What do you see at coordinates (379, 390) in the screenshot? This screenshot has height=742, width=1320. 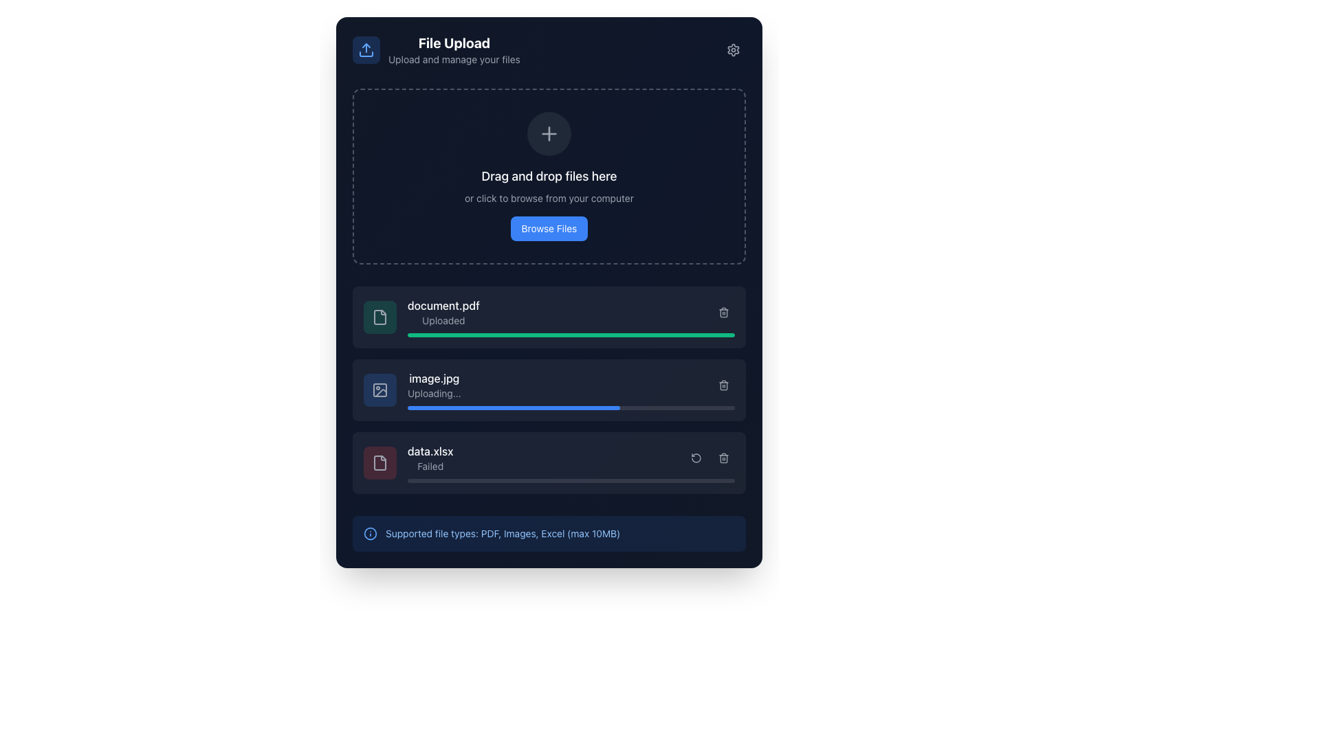 I see `the image placeholder icon located within the light blue semi-transparent background in the right-hand side list view of the file upload interface next to 'image.jpg'` at bounding box center [379, 390].